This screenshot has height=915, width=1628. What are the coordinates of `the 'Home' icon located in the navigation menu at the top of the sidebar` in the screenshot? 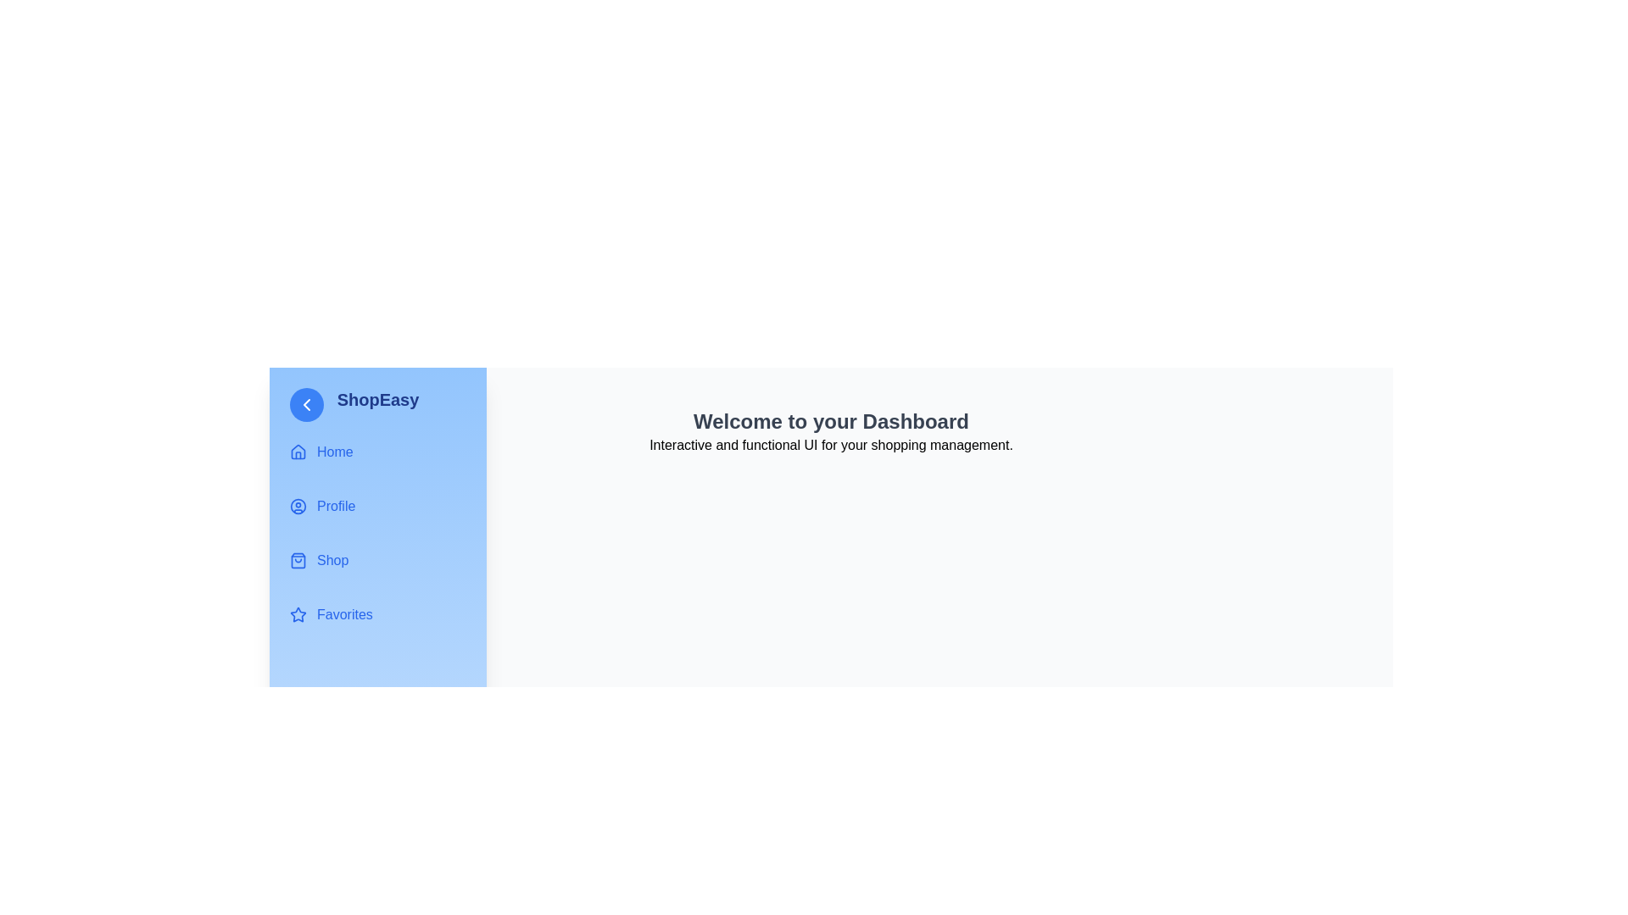 It's located at (298, 451).